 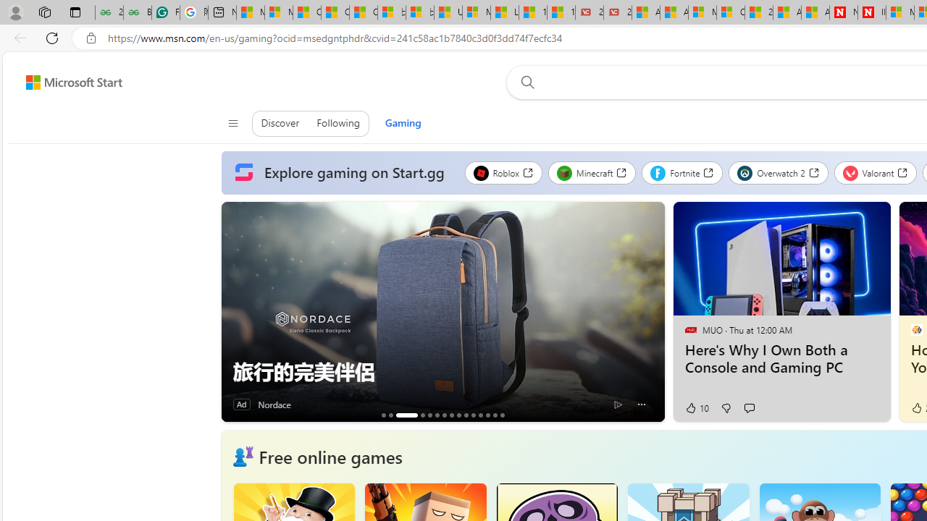 I want to click on 'Fortnite', so click(x=681, y=172).